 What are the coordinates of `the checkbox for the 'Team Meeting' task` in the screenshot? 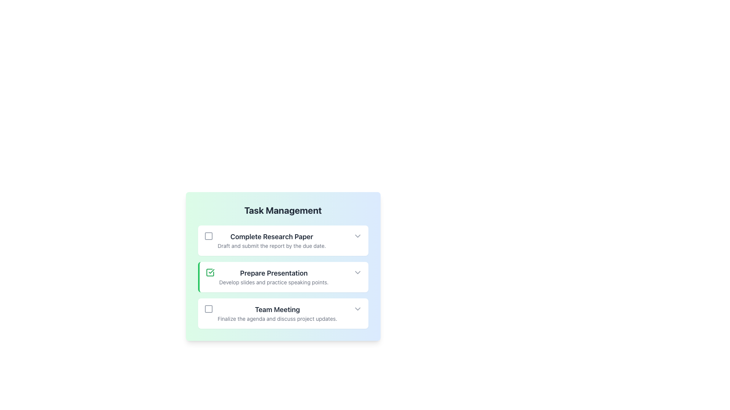 It's located at (208, 309).